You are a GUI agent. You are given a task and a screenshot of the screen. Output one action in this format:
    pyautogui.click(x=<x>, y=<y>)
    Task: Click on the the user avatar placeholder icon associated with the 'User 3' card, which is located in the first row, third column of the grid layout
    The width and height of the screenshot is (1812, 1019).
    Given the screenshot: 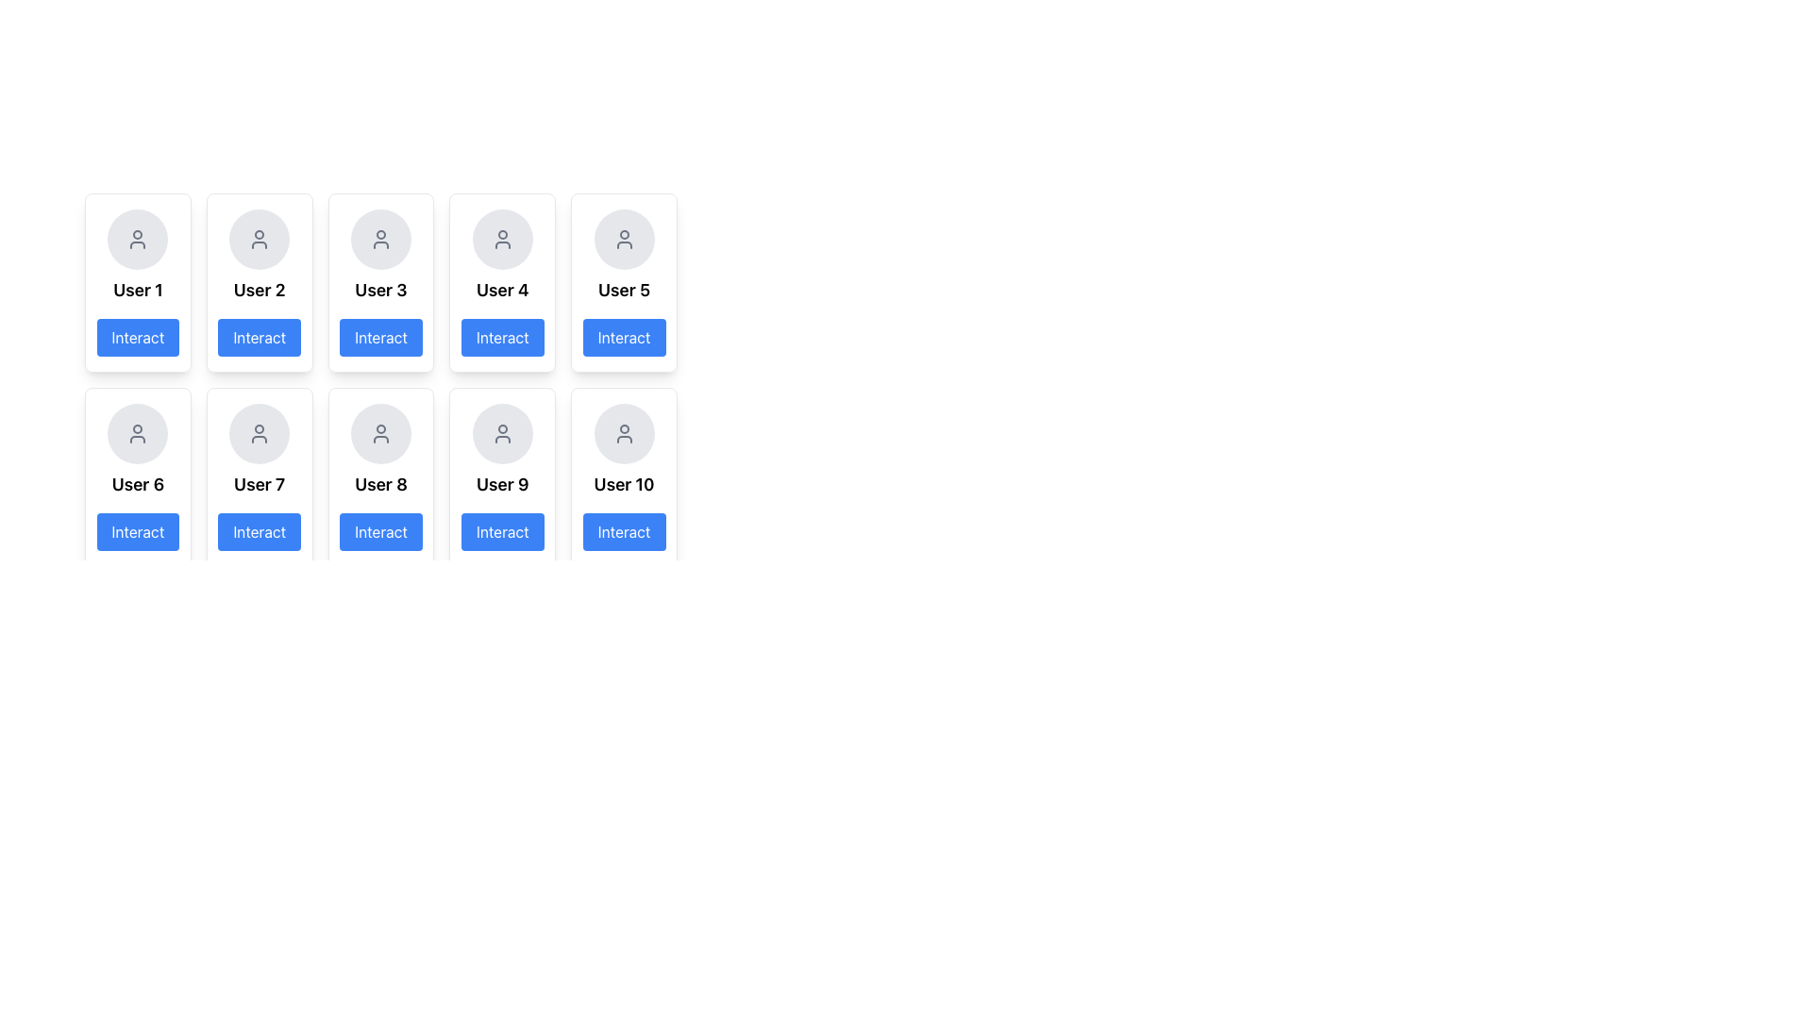 What is the action you would take?
    pyautogui.click(x=379, y=239)
    